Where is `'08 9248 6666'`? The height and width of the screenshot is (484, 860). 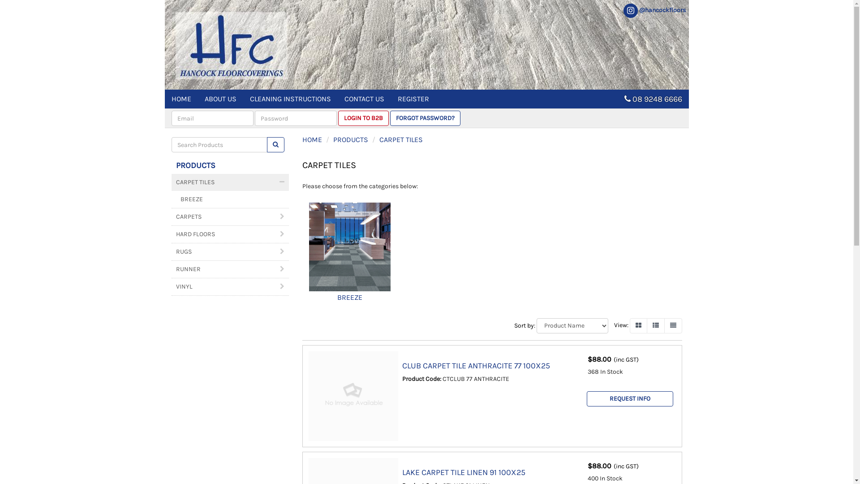 '08 9248 6666' is located at coordinates (632, 99).